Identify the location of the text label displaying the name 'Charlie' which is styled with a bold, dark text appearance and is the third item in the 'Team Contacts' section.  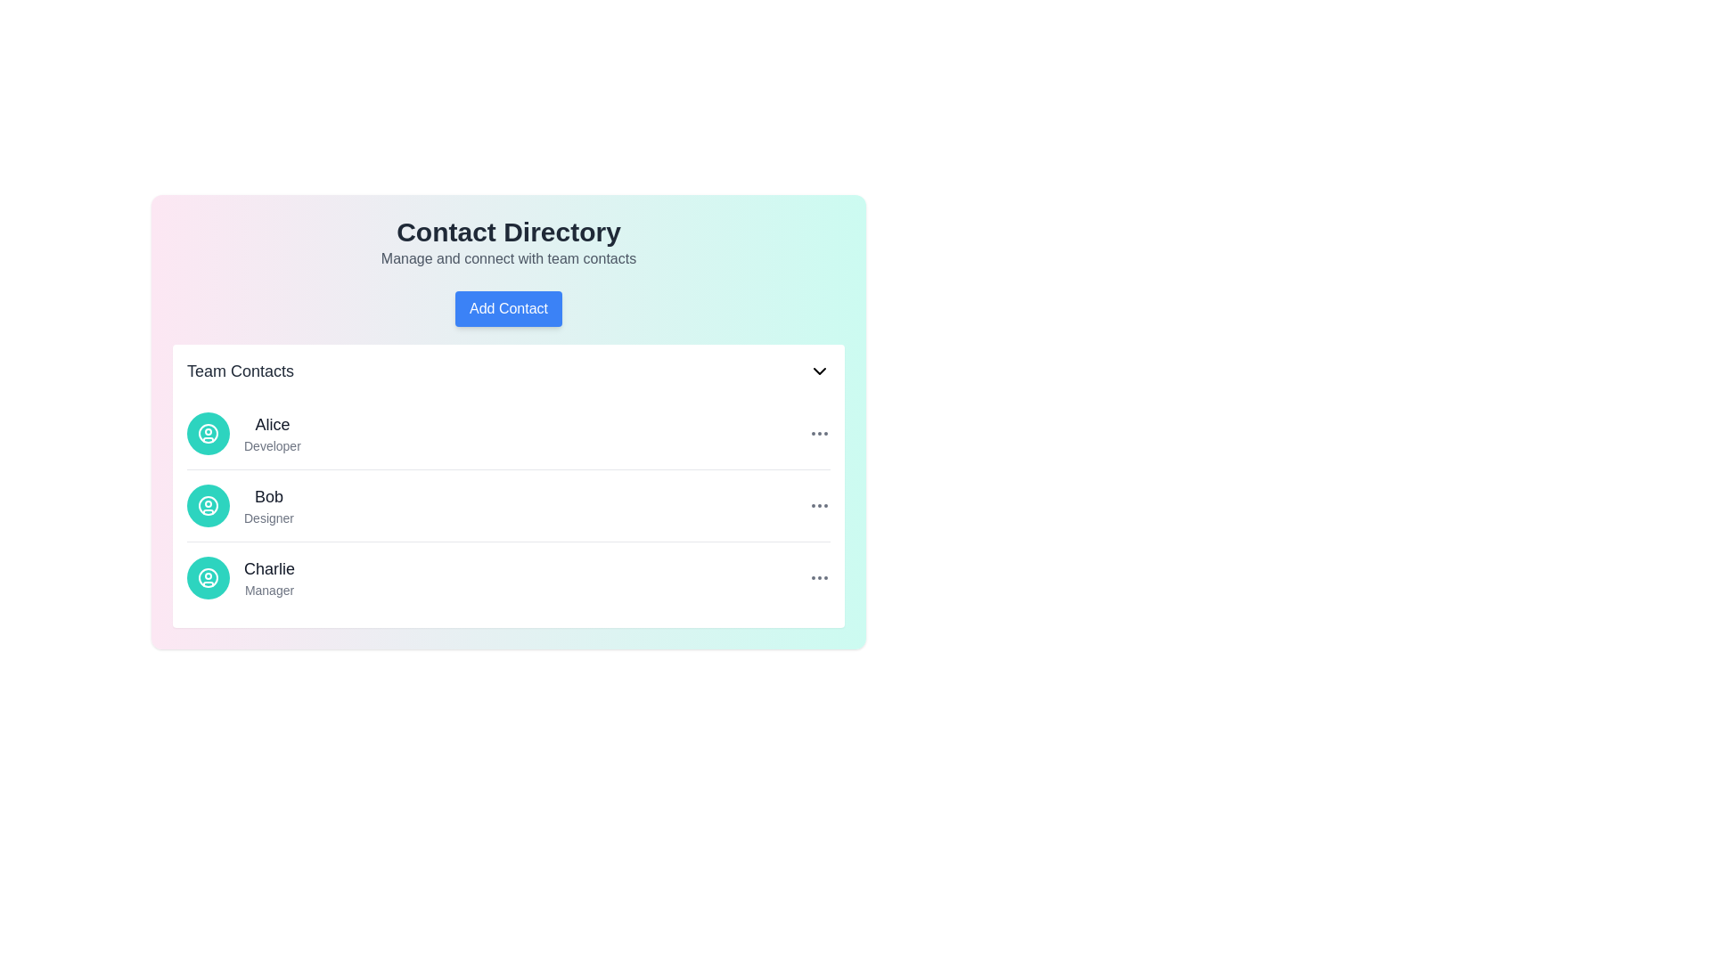
(268, 569).